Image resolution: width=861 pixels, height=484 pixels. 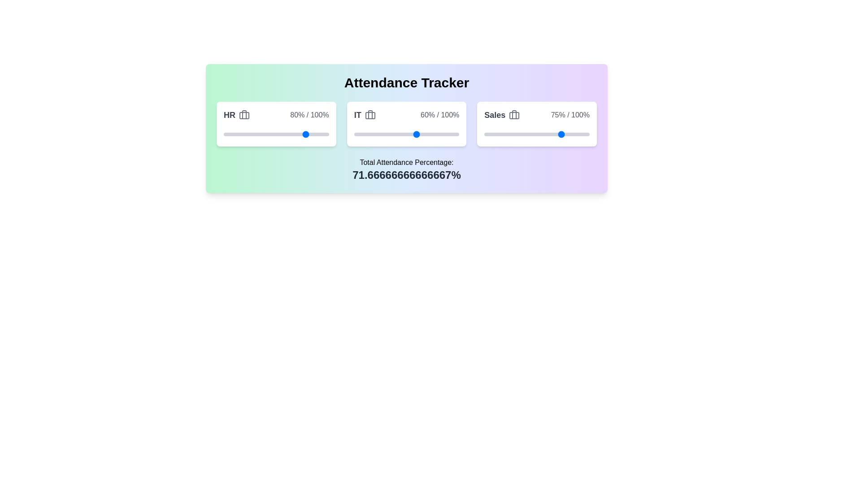 What do you see at coordinates (365, 115) in the screenshot?
I see `the Text with Icon element that serves as a label for the IT category, positioned in the second card above '60% / 100%'` at bounding box center [365, 115].